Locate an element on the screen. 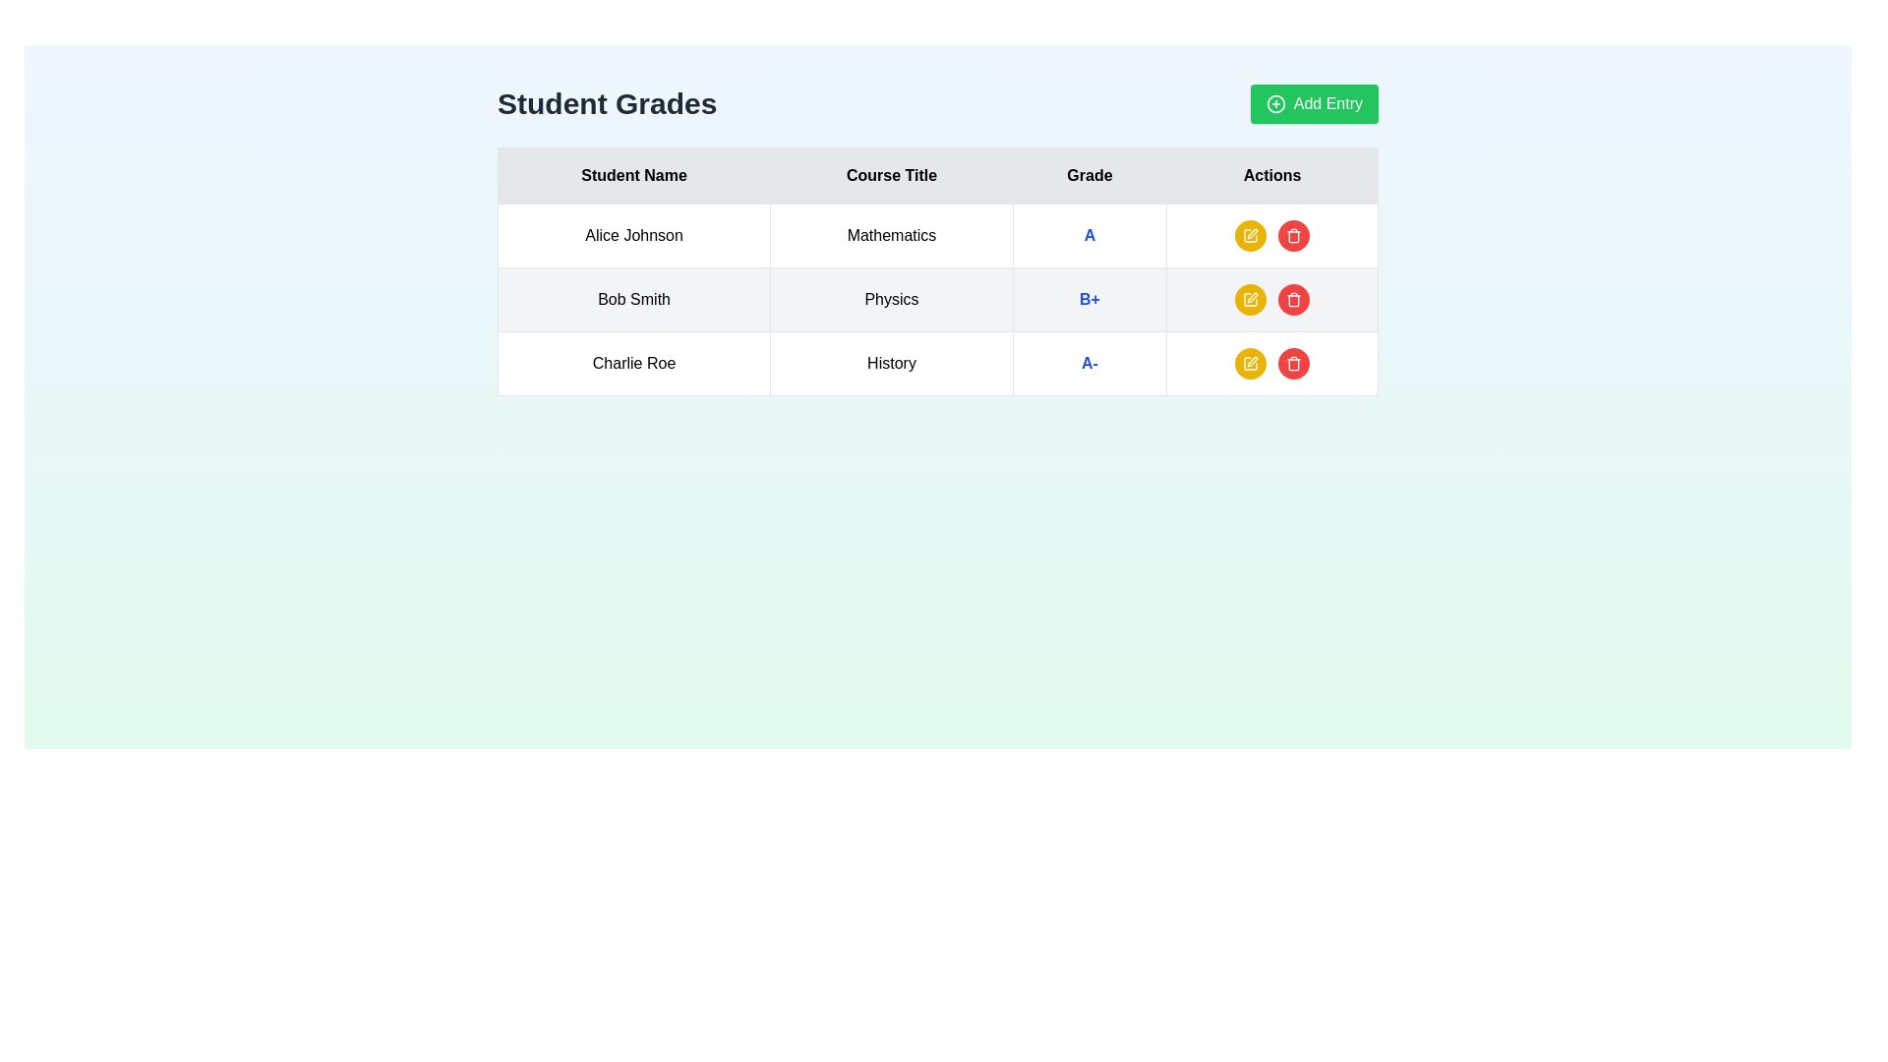 The height and width of the screenshot is (1062, 1888). the delete icon located in the 'Actions' column of the data table, positioned at the rightmost side of the third row is located at coordinates (1293, 234).